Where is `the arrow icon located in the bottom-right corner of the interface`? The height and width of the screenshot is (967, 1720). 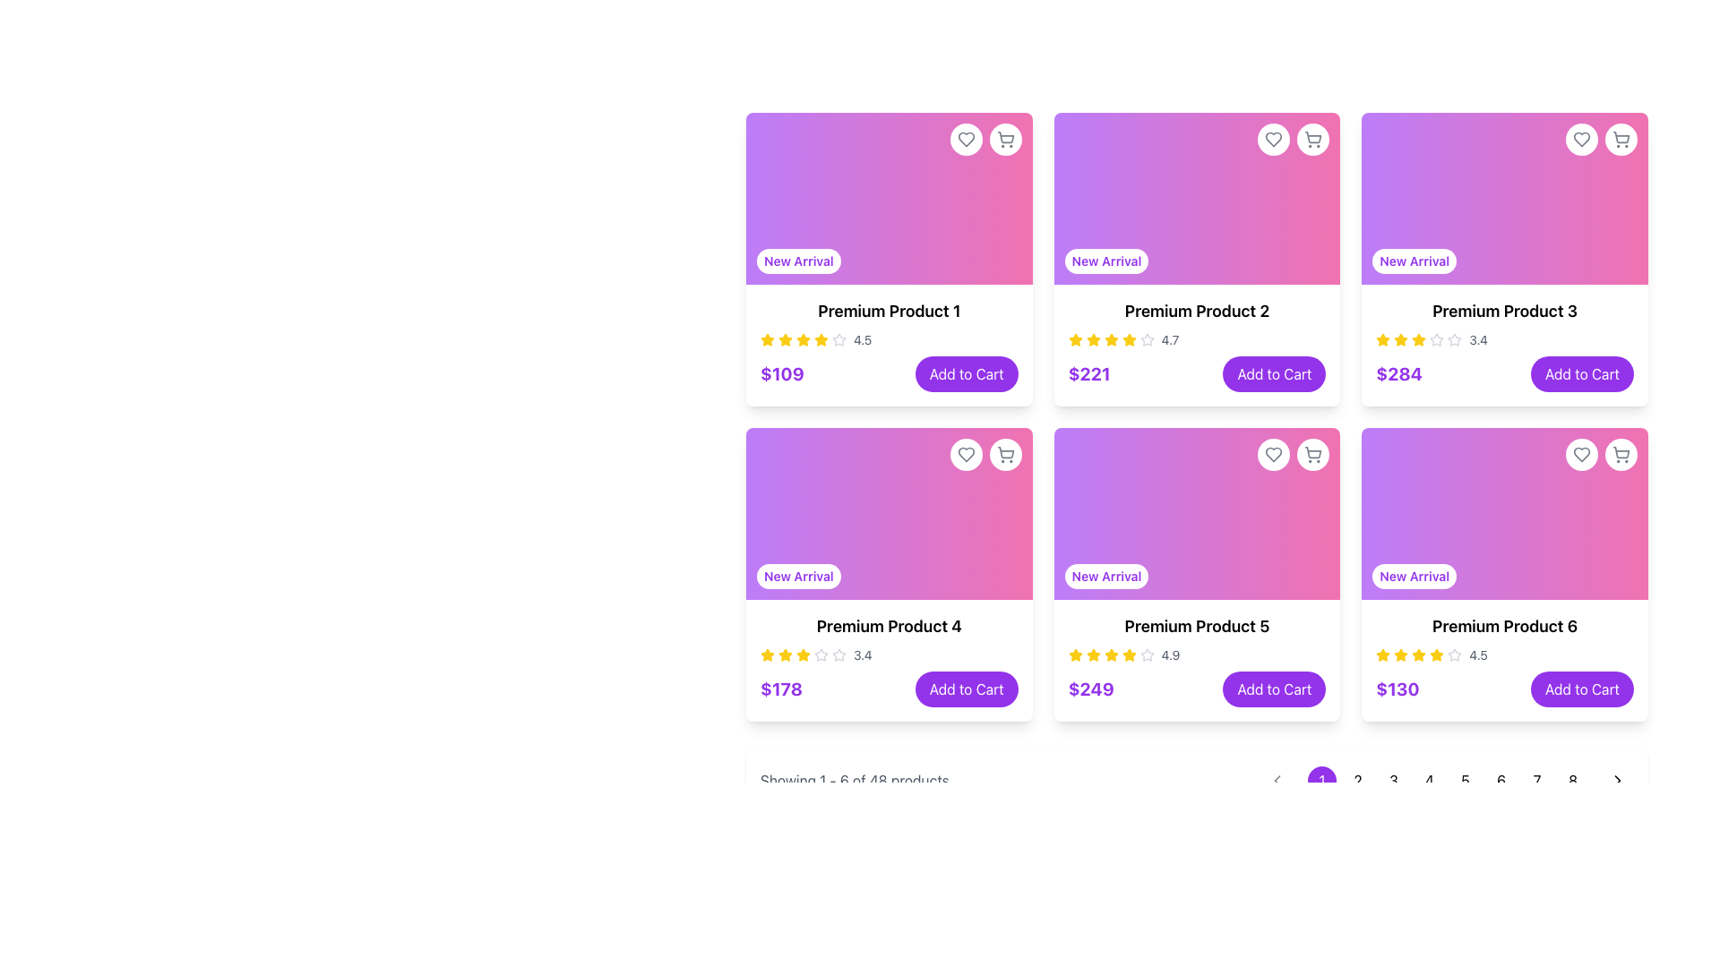 the arrow icon located in the bottom-right corner of the interface is located at coordinates (1276, 779).